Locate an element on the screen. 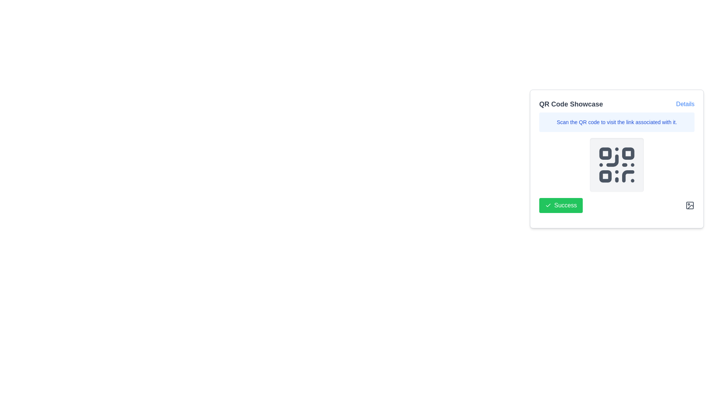 This screenshot has width=720, height=405. the curved line in the bottom left quadrant of the QR code icon, which contributes to its visual representation is located at coordinates (612, 160).